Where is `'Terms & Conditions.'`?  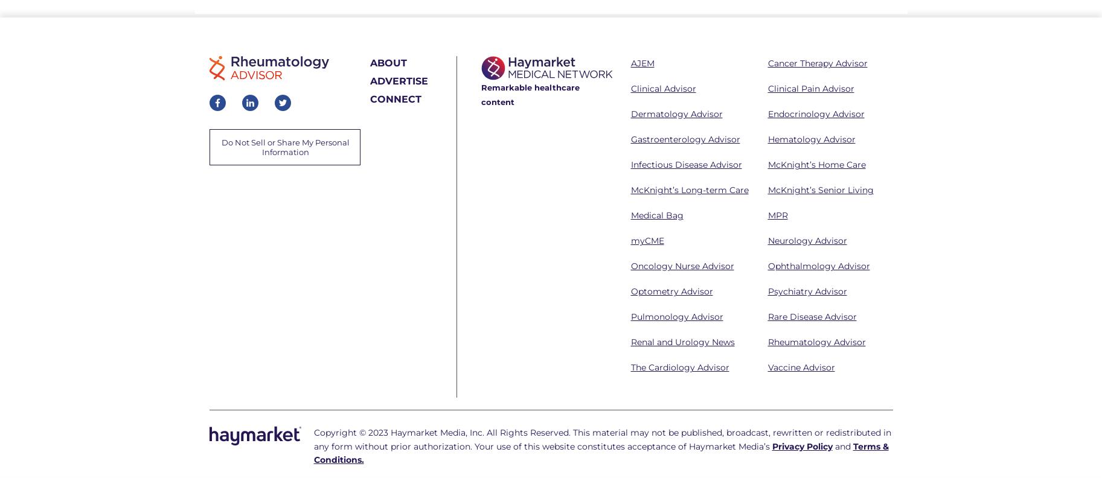 'Terms & Conditions.' is located at coordinates (600, 452).